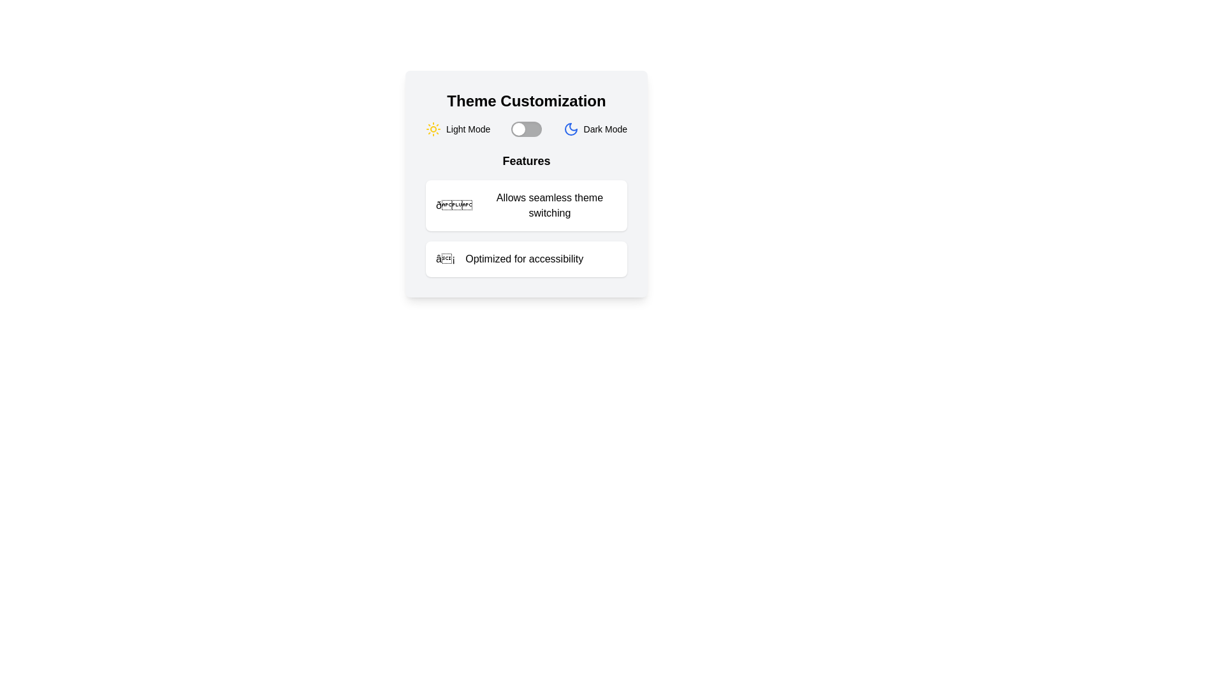 The height and width of the screenshot is (688, 1224). What do you see at coordinates (519, 129) in the screenshot?
I see `the circular toggle switch indicator on the left side of the horizontal toggle bar in the 'Theme Customization' section` at bounding box center [519, 129].